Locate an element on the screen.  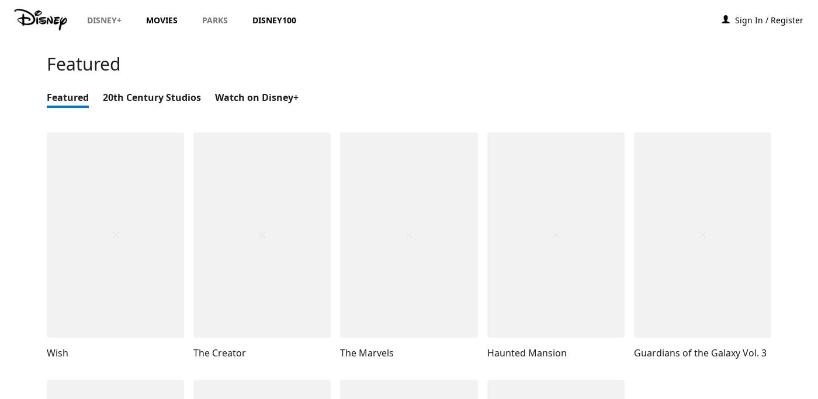
'The Creator' is located at coordinates (220, 352).